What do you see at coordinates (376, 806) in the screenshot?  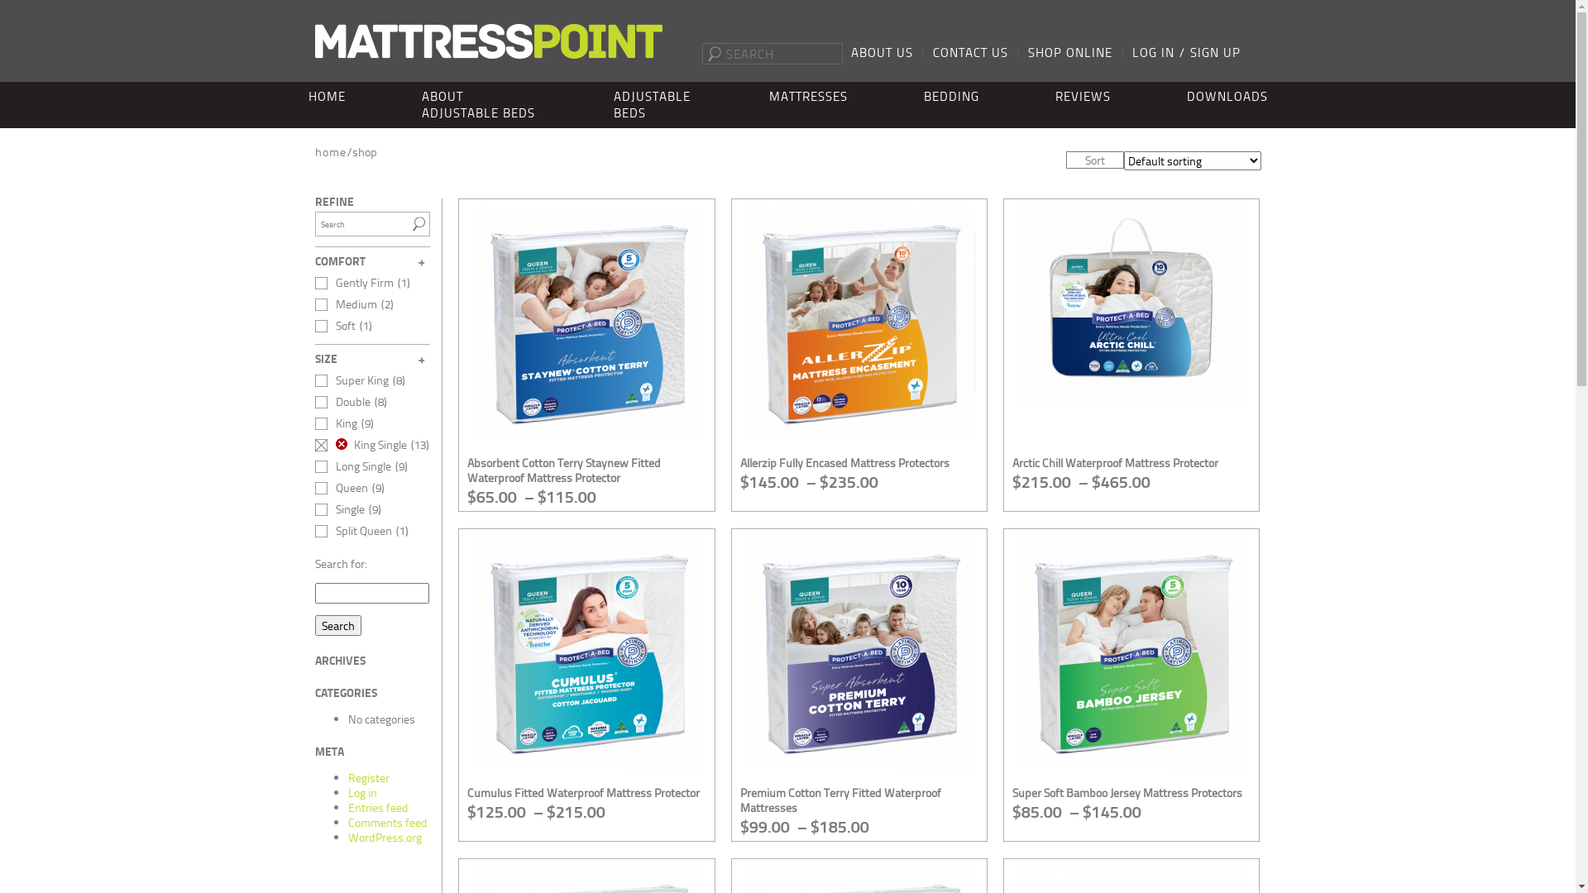 I see `'Entries feed'` at bounding box center [376, 806].